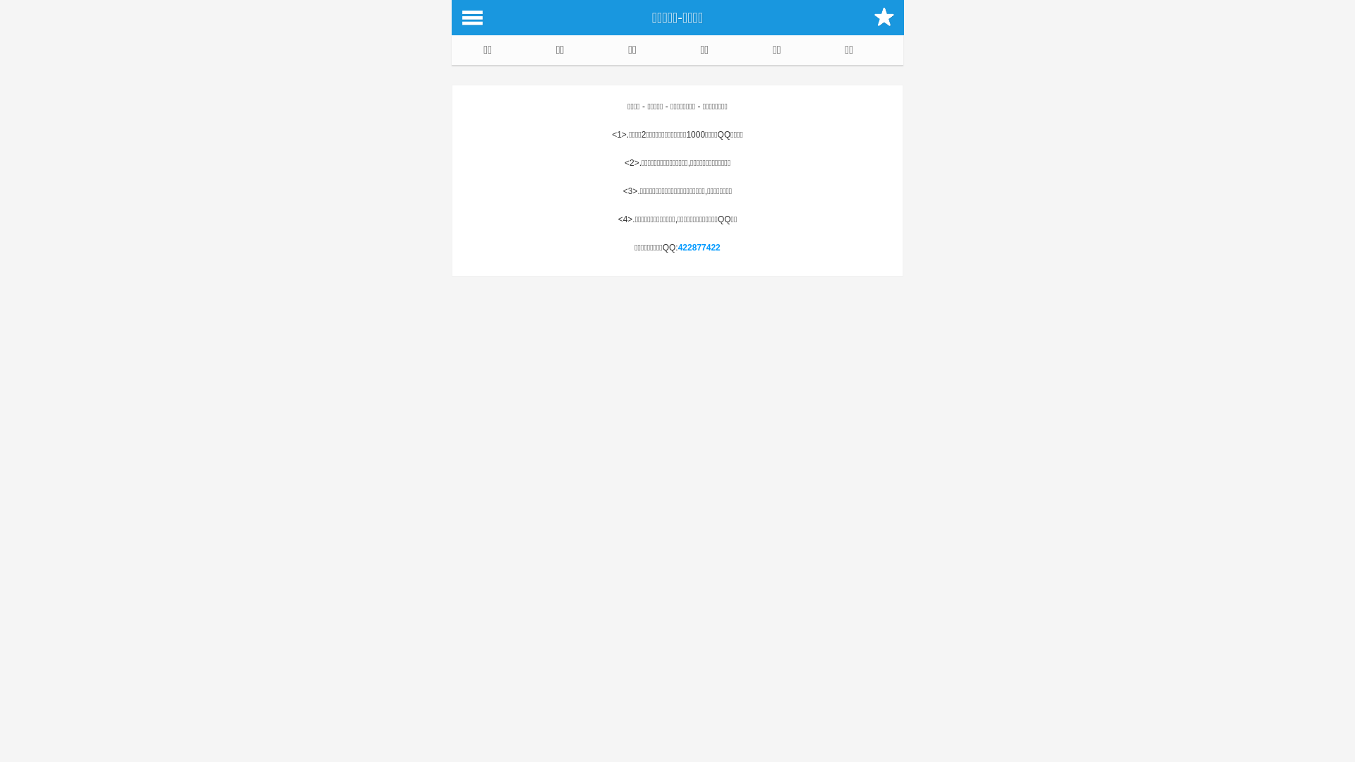 Image resolution: width=1355 pixels, height=762 pixels. I want to click on '422877422', so click(699, 247).